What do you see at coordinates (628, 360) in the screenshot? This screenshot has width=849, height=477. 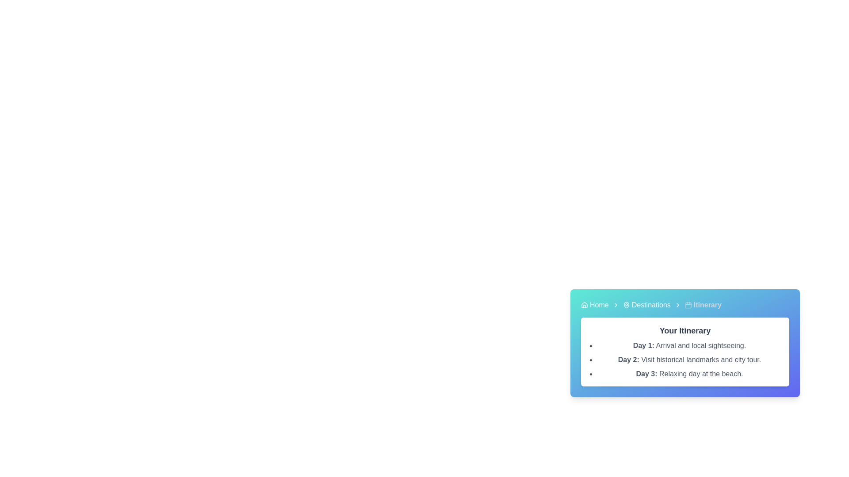 I see `text content of the Text Label displaying 'Day 2:' in bold dark gray style, positioned beneath 'Day 1: Arrival and local sightseeing' within the itinerary card` at bounding box center [628, 360].